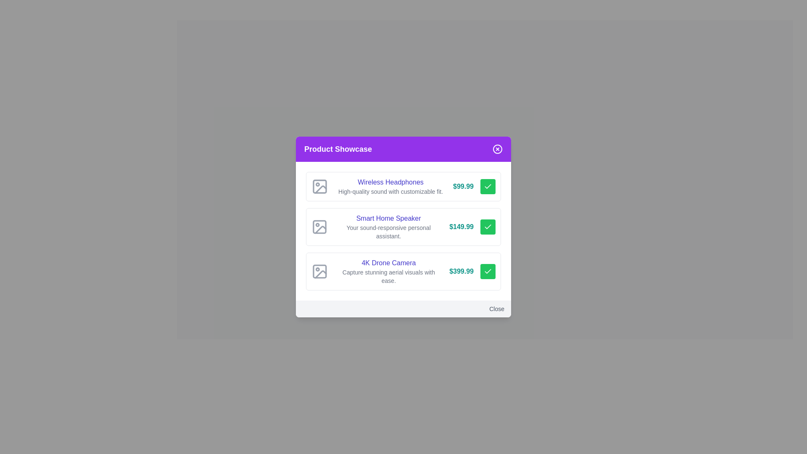 Image resolution: width=807 pixels, height=454 pixels. Describe the element at coordinates (497, 309) in the screenshot. I see `the 'Close' Text Button located at the bottom-right corner of the modal dialog to exit the current view` at that location.